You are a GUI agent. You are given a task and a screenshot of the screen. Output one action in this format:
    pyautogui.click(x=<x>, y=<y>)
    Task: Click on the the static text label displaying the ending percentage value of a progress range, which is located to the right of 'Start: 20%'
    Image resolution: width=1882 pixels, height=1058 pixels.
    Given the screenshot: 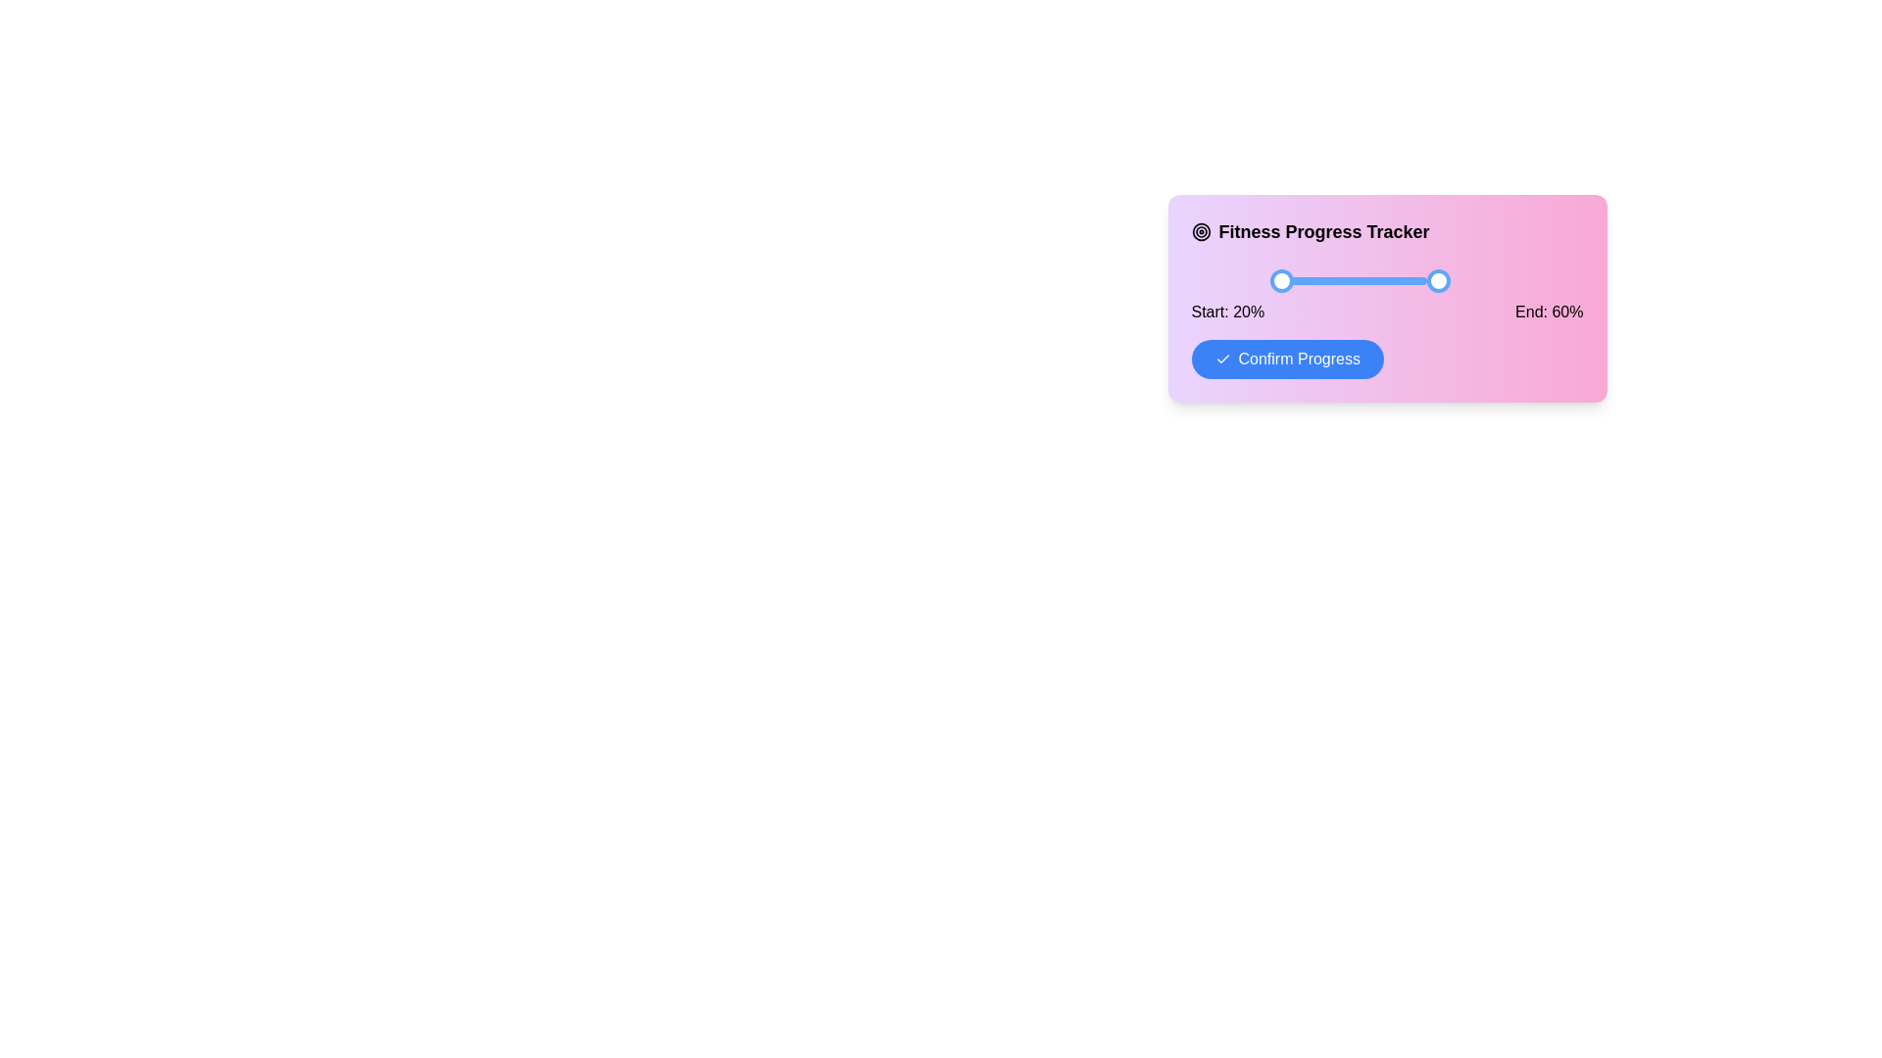 What is the action you would take?
    pyautogui.click(x=1548, y=312)
    